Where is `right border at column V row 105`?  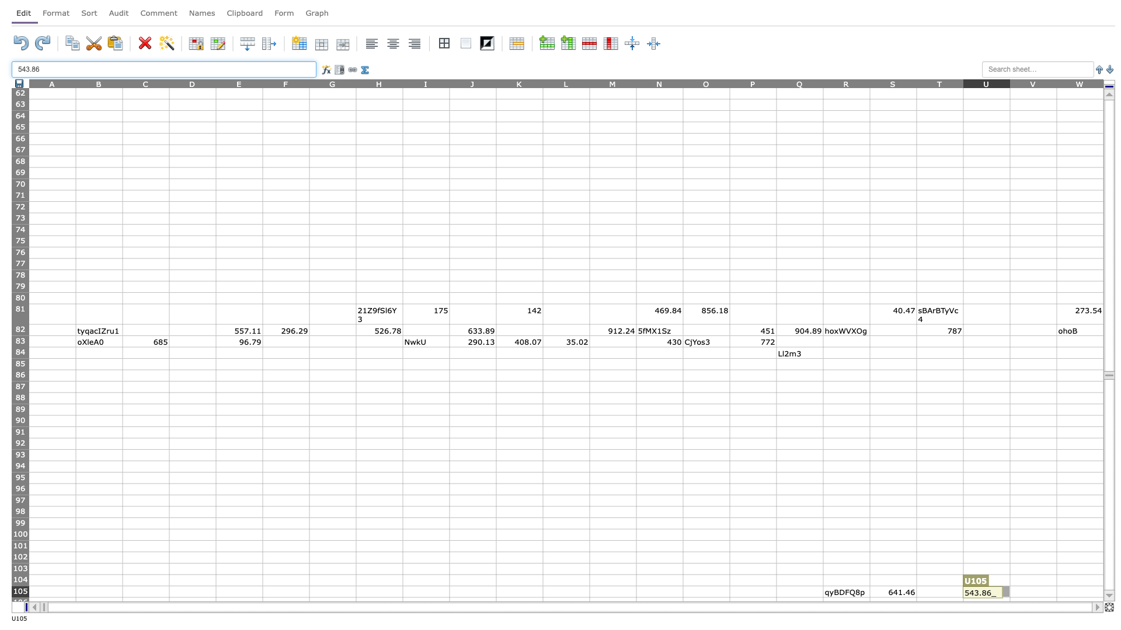
right border at column V row 105 is located at coordinates (1056, 591).